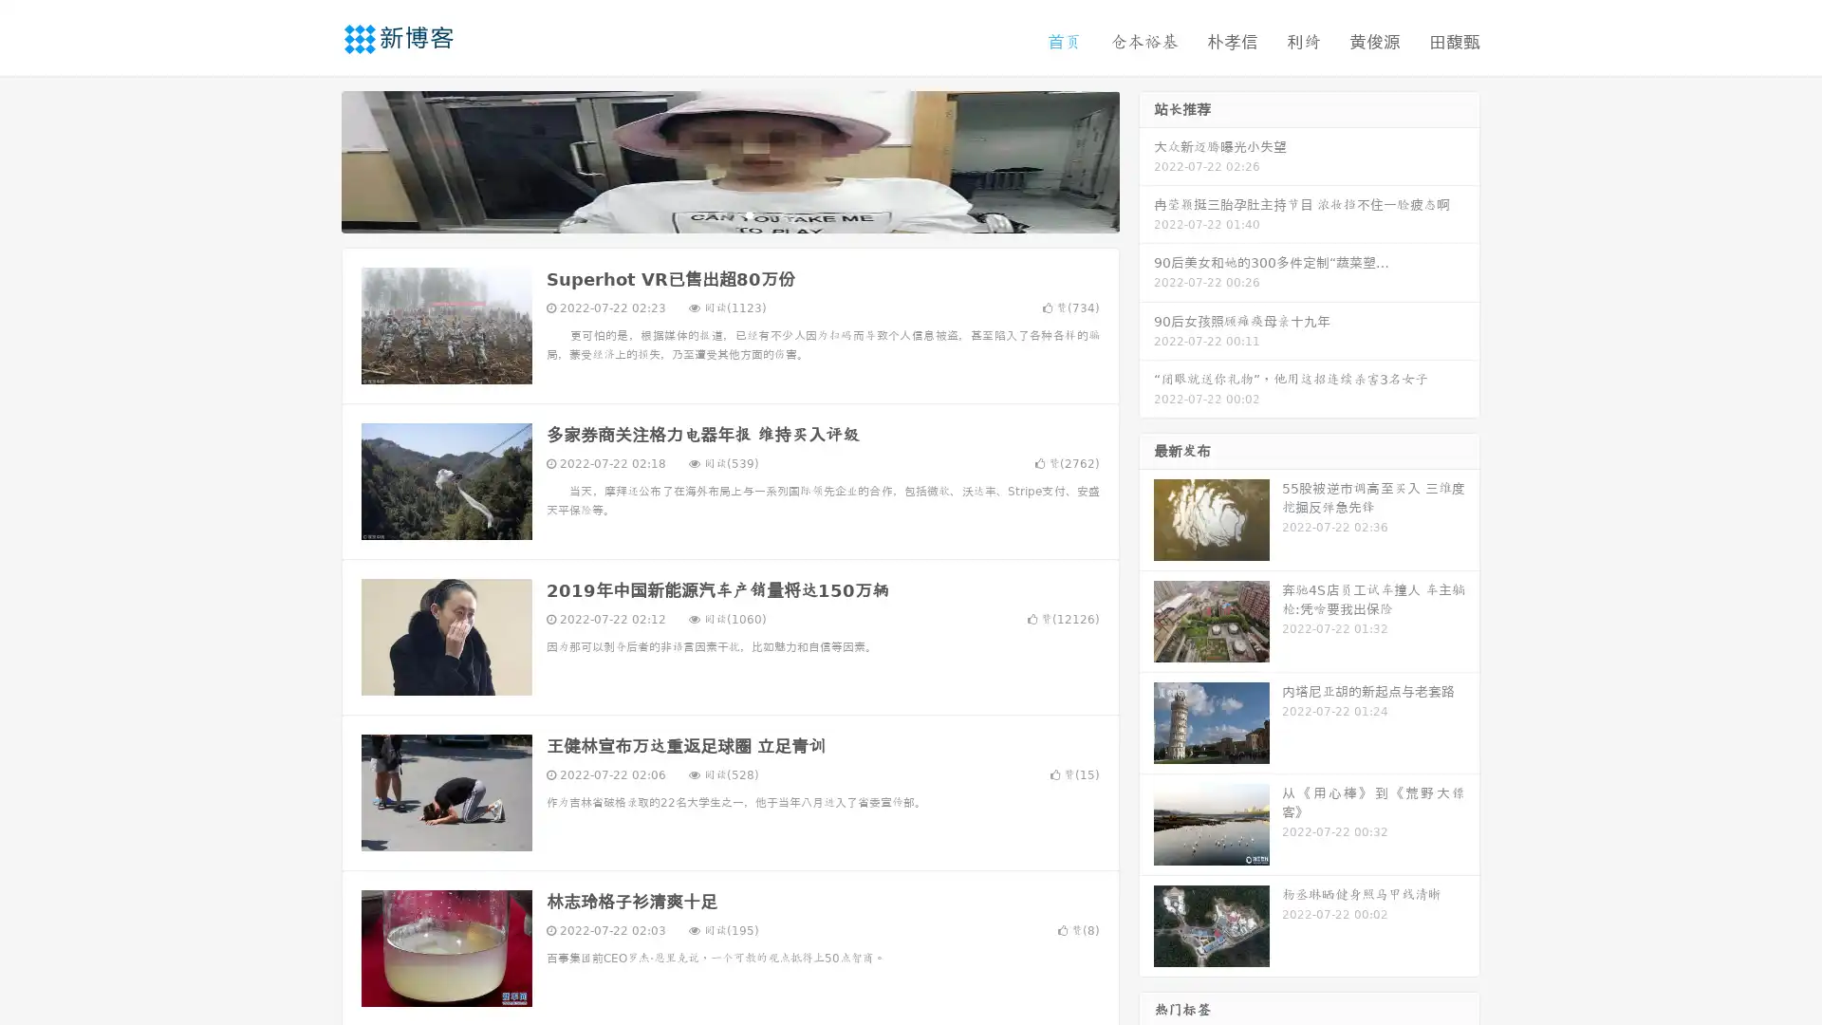 This screenshot has width=1822, height=1025. I want to click on Previous slide, so click(313, 159).